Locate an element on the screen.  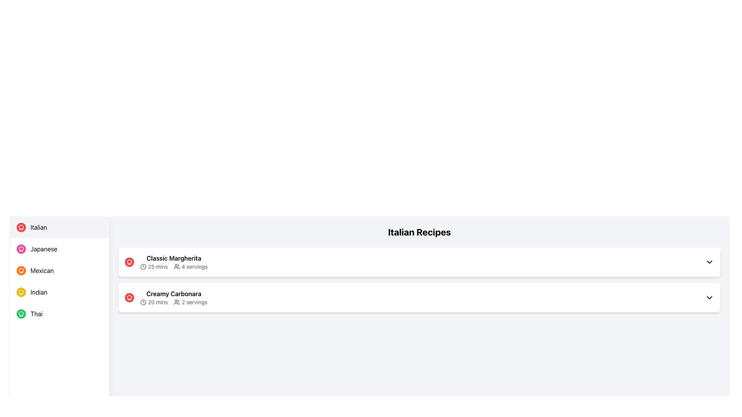
preparation time ('20 mins') and the serving capacity ('2 servings') from the text element located within the content card for 'Creamy Carbonara', positioned below its title is located at coordinates (174, 302).